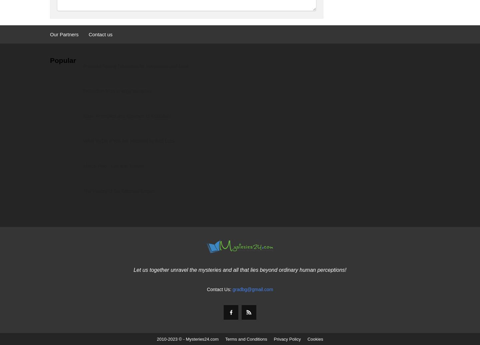 The height and width of the screenshot is (345, 480). I want to click on '2010-2023 © - Mysteries24.com', so click(187, 339).